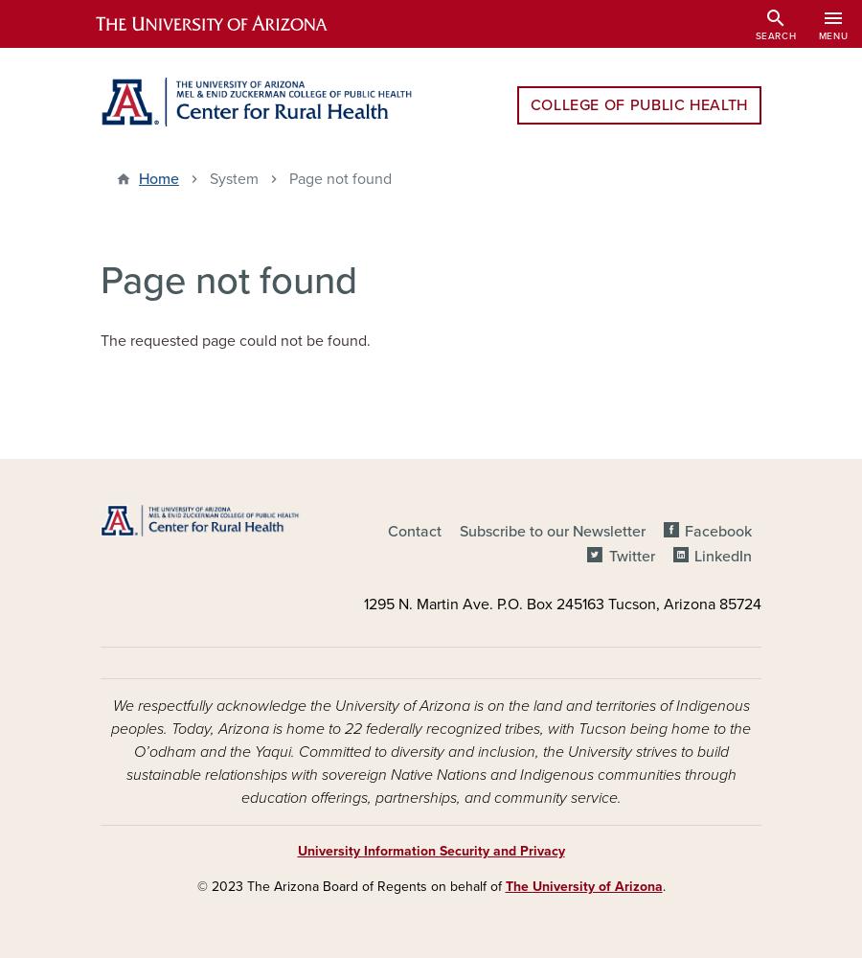 The height and width of the screenshot is (958, 862). What do you see at coordinates (638, 104) in the screenshot?
I see `'College of Public Health'` at bounding box center [638, 104].